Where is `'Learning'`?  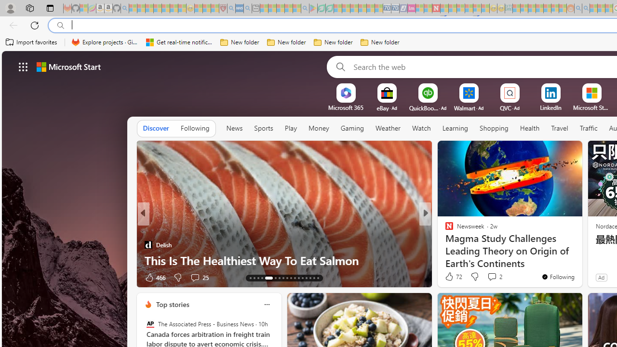 'Learning' is located at coordinates (455, 128).